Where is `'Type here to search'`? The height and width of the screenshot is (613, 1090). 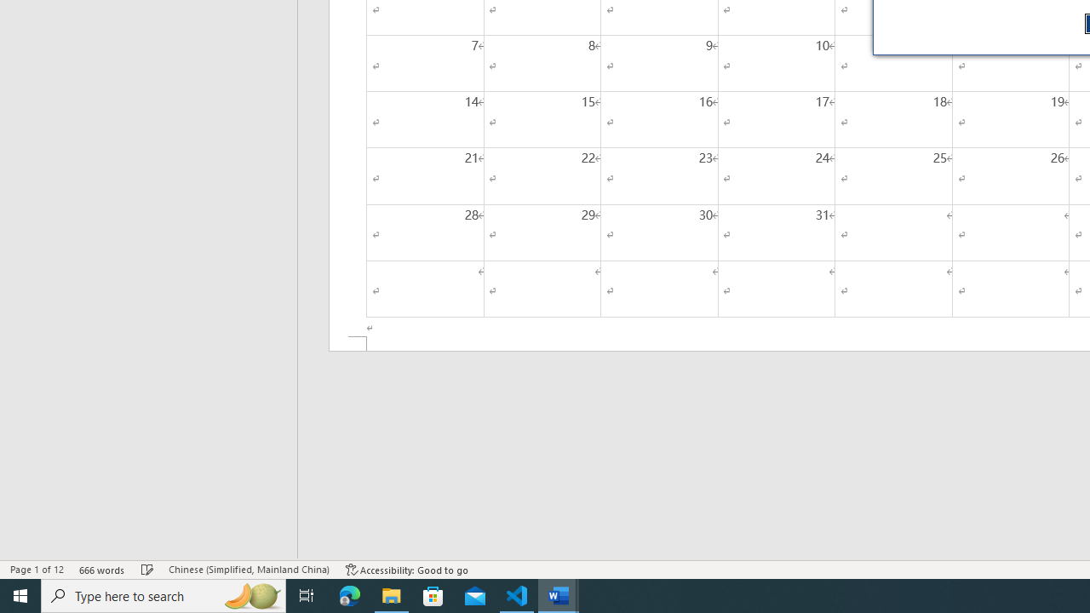 'Type here to search' is located at coordinates (163, 594).